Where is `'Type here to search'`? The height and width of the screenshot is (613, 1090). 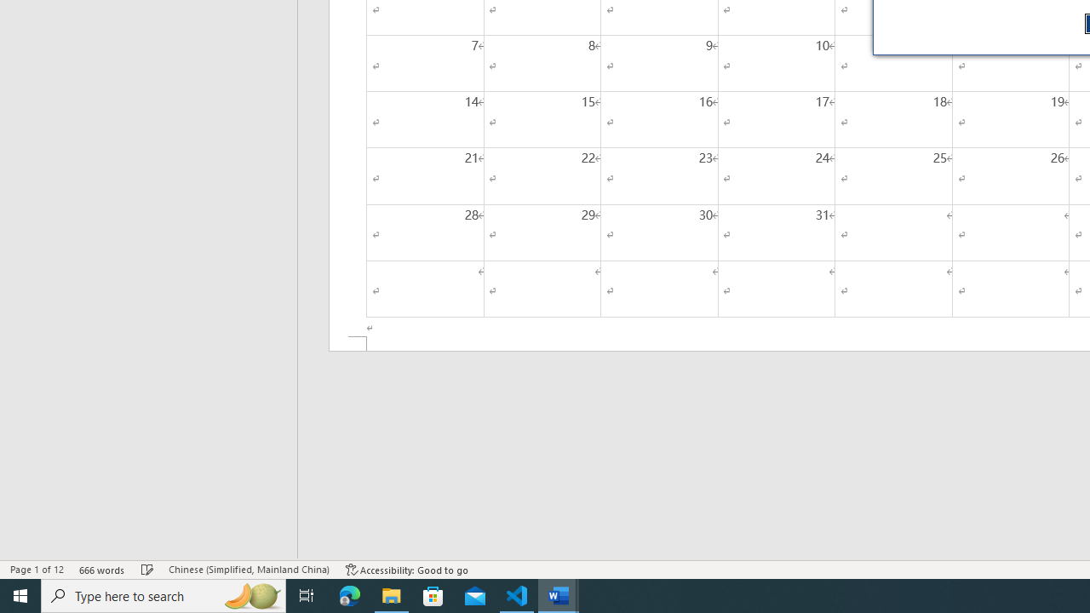 'Type here to search' is located at coordinates (163, 594).